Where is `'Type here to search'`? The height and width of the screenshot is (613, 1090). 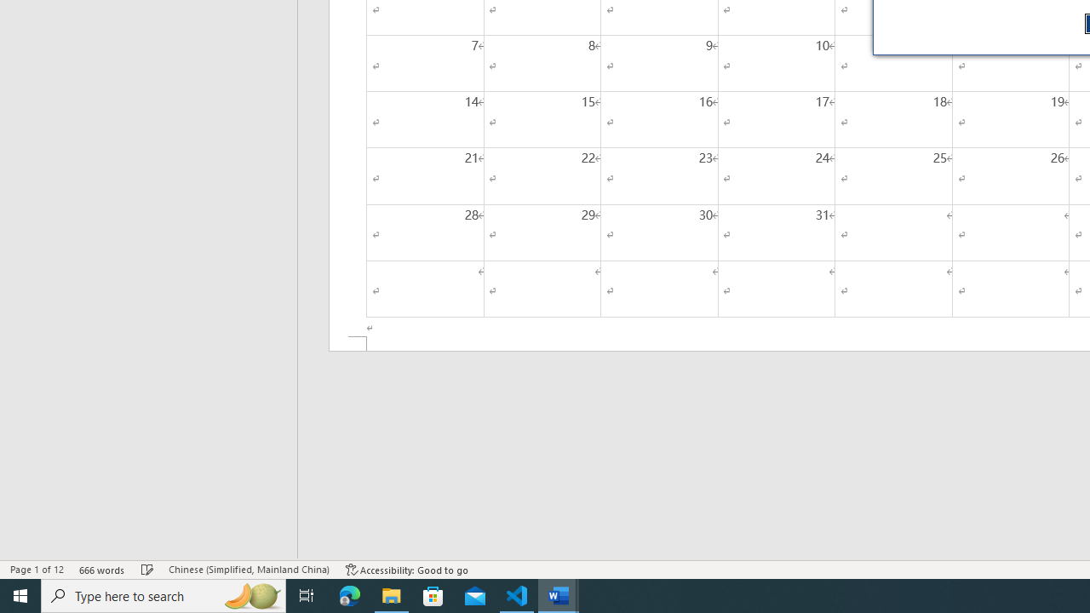 'Type here to search' is located at coordinates (163, 594).